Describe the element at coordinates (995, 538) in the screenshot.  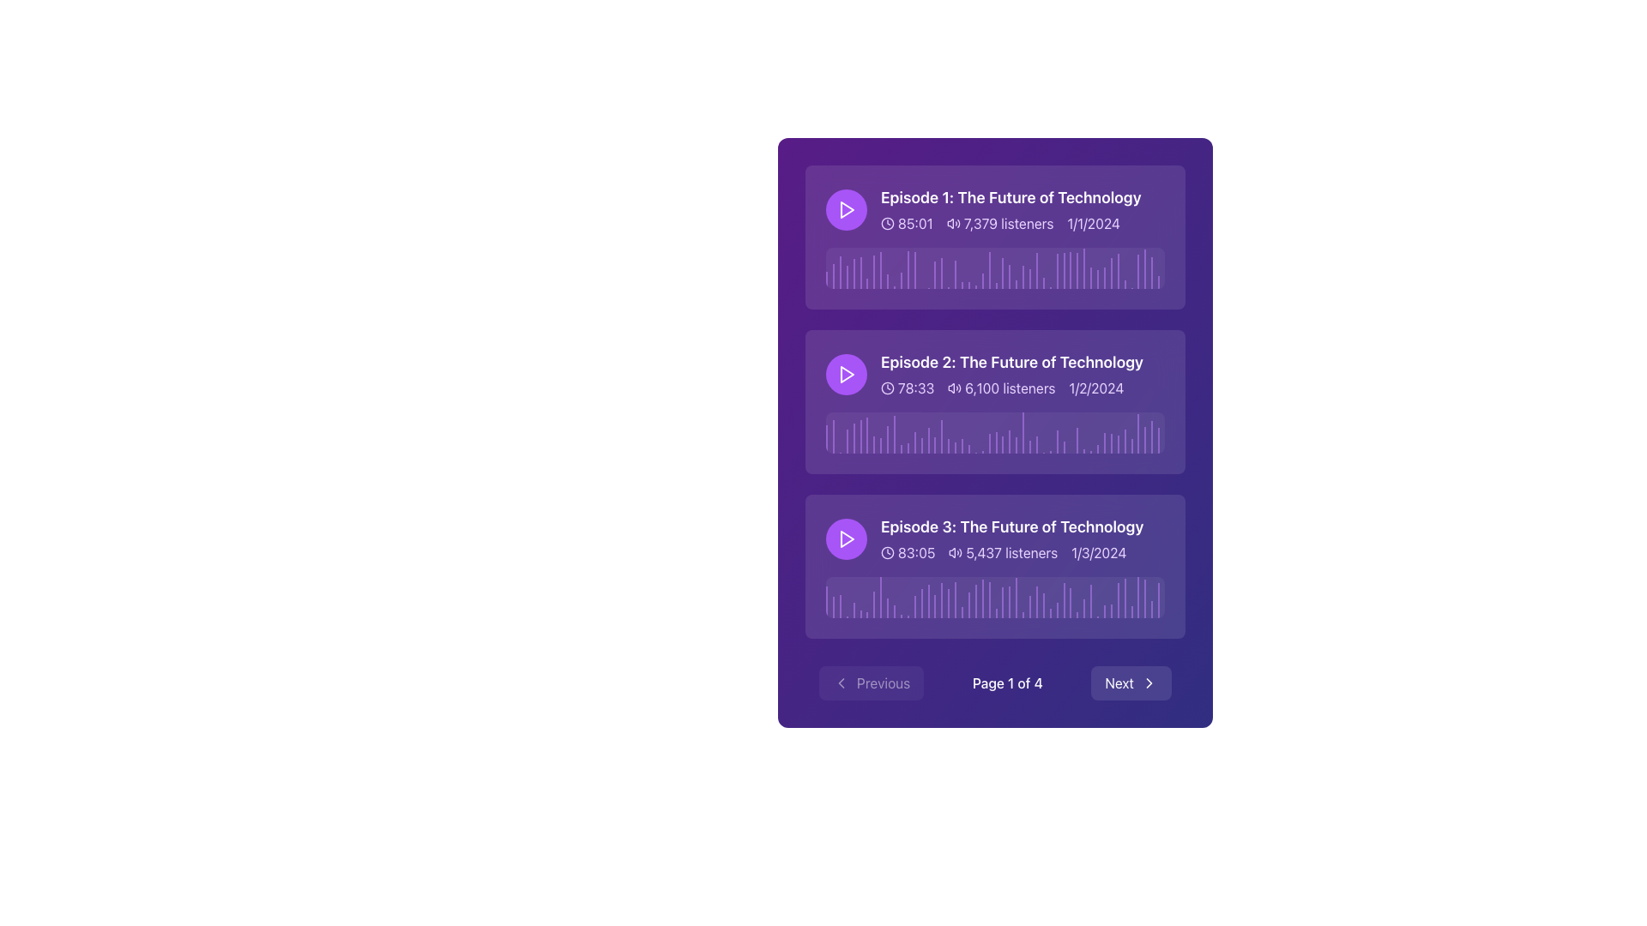
I see `the text of the List item representing 'Episode 3: The Future of Technology'` at that location.